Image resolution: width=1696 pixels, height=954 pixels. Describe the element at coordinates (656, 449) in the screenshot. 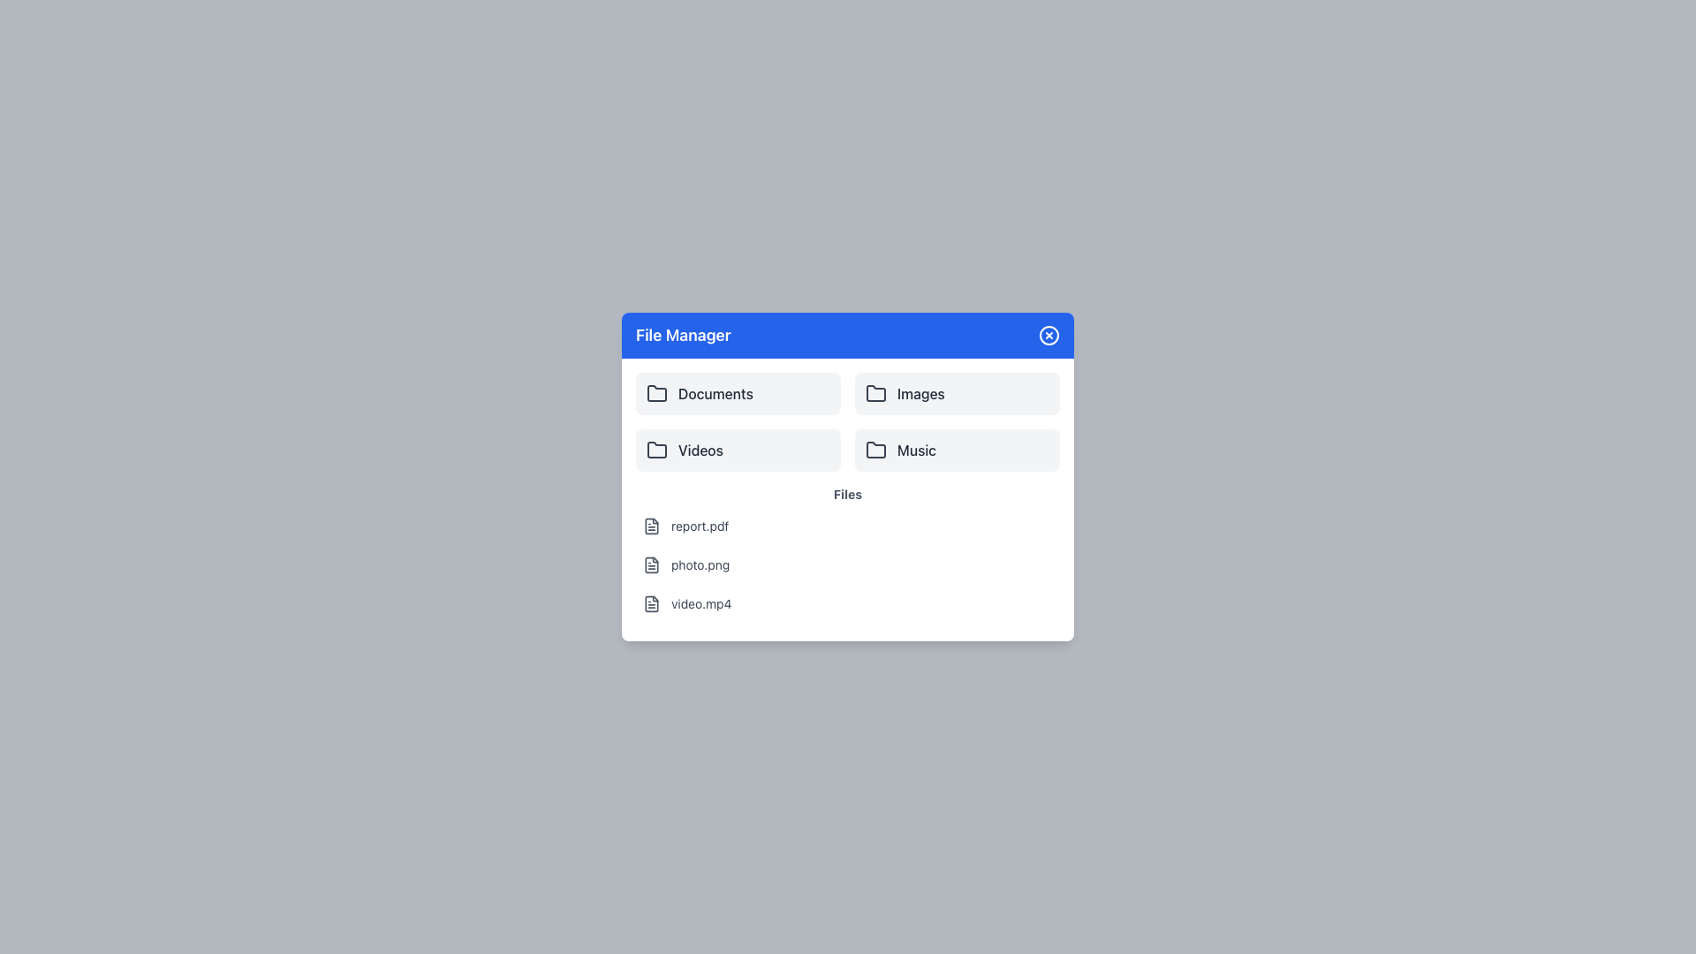

I see `the folder icon representing 'Videos'` at that location.